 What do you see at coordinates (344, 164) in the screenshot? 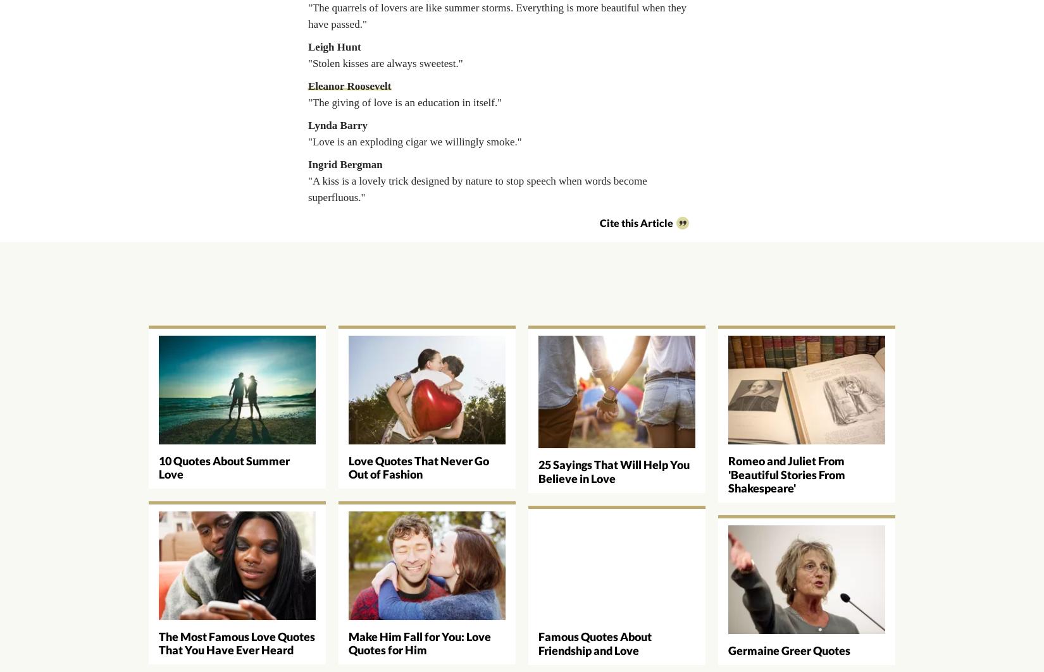
I see `'Ingrid Bergman'` at bounding box center [344, 164].